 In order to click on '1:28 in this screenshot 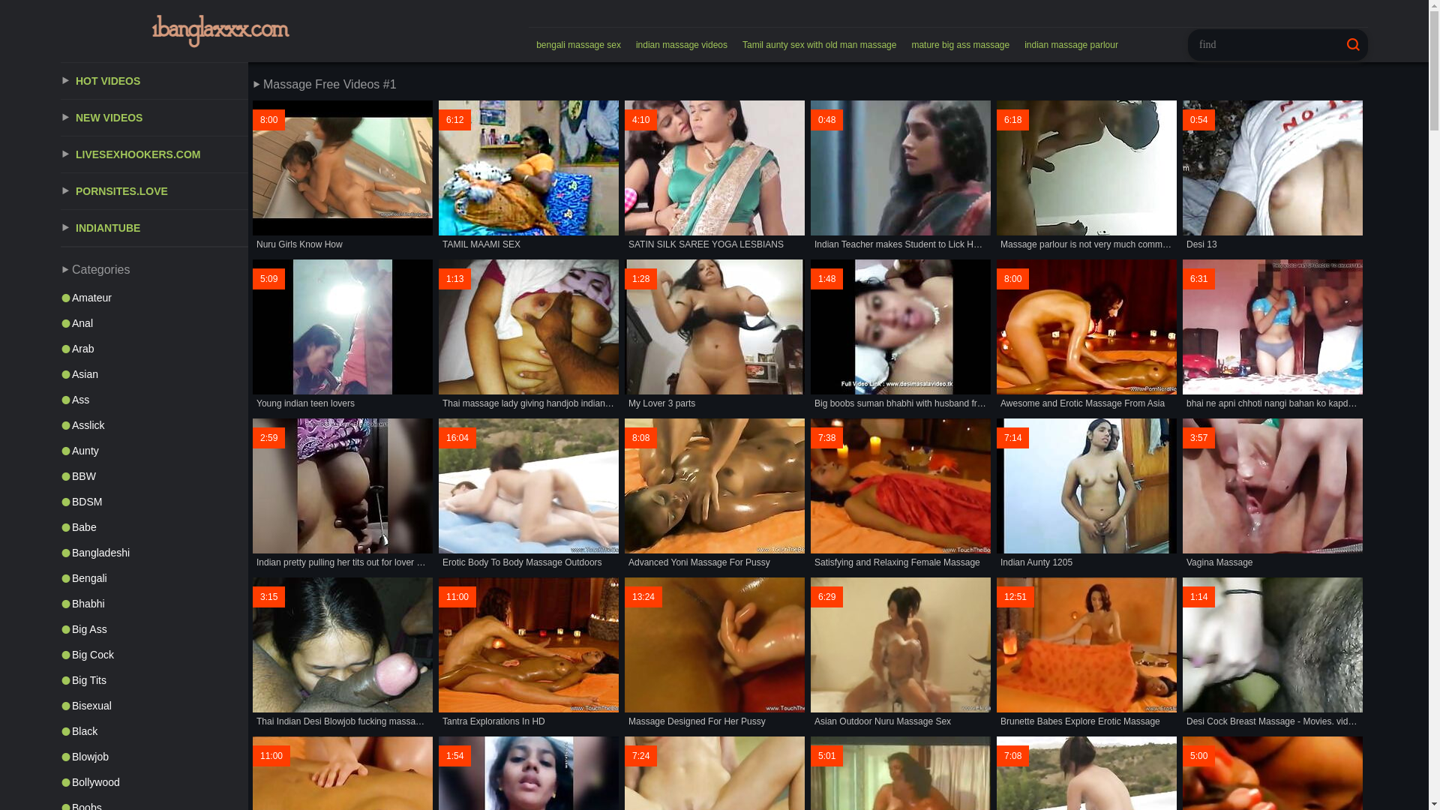, I will do `click(714, 334)`.